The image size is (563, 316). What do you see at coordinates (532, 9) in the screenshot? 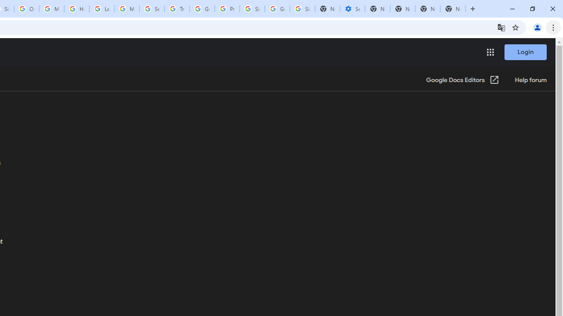
I see `'Restore'` at bounding box center [532, 9].